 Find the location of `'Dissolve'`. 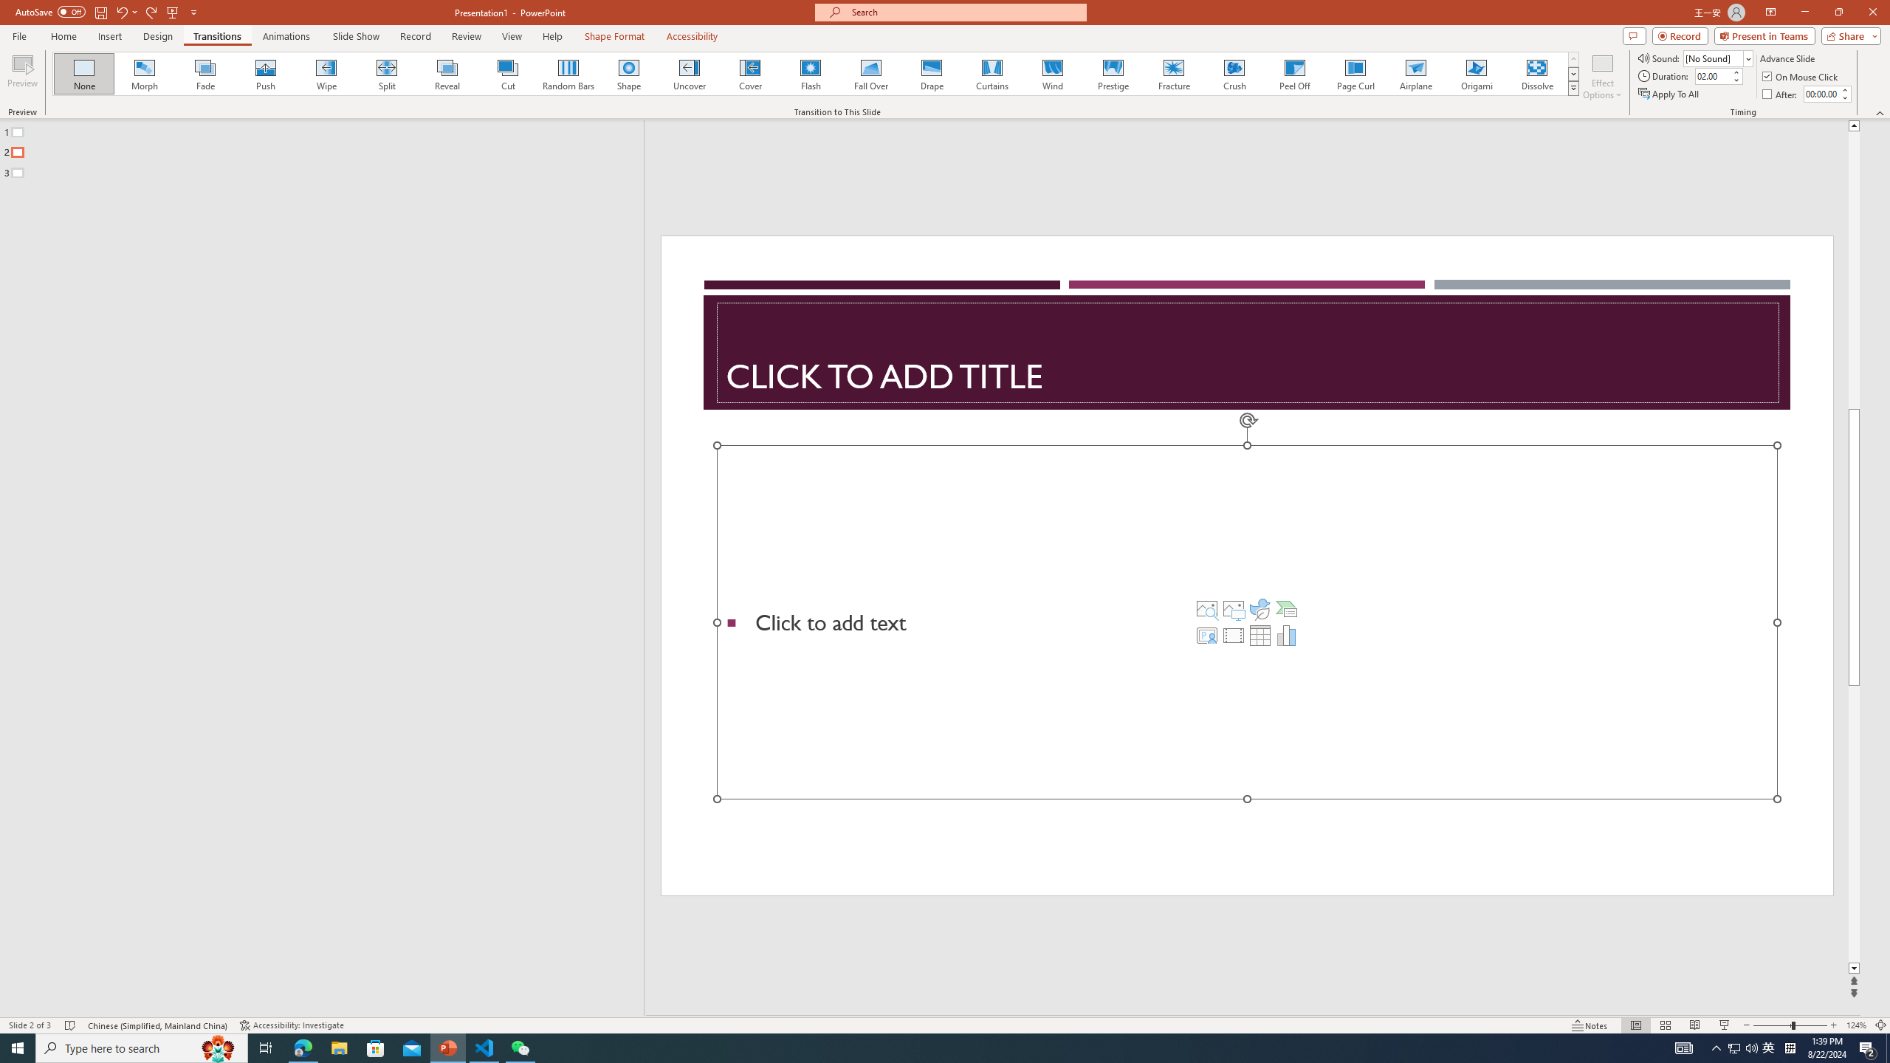

'Dissolve' is located at coordinates (1536, 73).